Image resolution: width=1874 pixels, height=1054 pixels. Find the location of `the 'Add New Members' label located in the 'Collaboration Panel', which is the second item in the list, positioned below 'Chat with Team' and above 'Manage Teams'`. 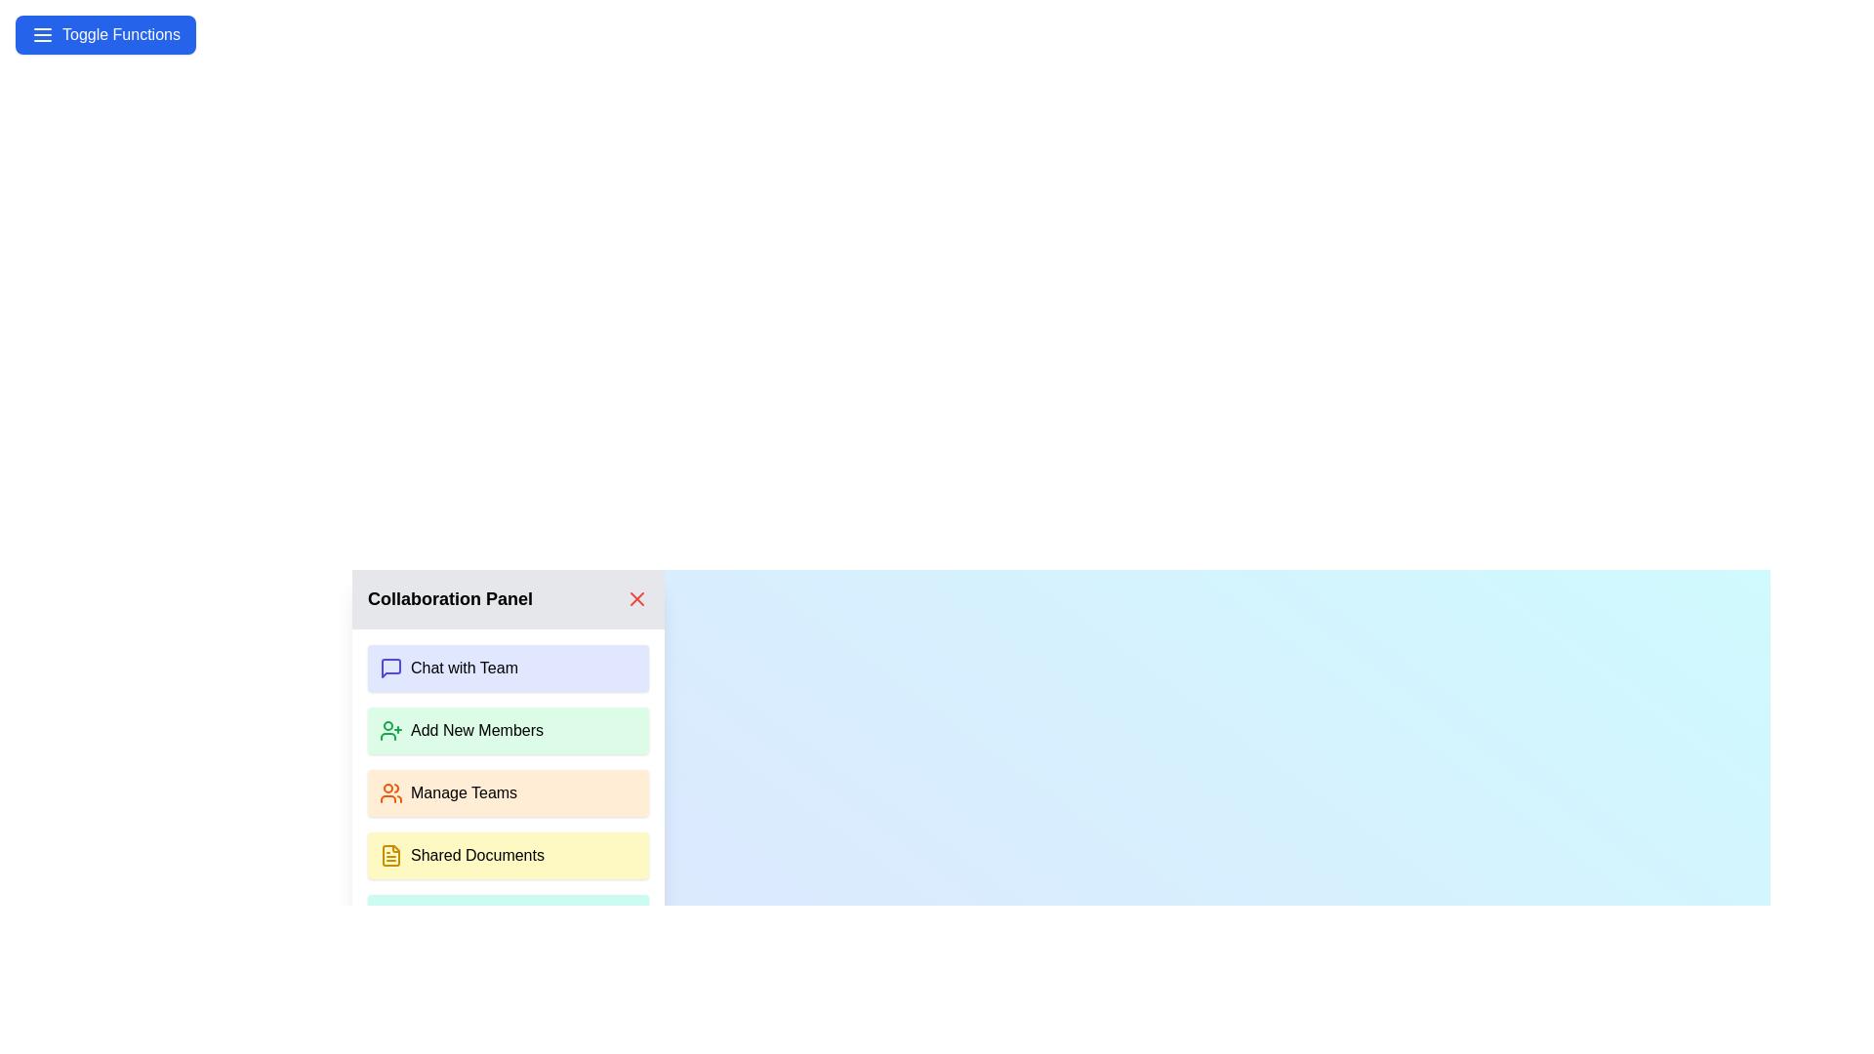

the 'Add New Members' label located in the 'Collaboration Panel', which is the second item in the list, positioned below 'Chat with Team' and above 'Manage Teams' is located at coordinates (477, 730).